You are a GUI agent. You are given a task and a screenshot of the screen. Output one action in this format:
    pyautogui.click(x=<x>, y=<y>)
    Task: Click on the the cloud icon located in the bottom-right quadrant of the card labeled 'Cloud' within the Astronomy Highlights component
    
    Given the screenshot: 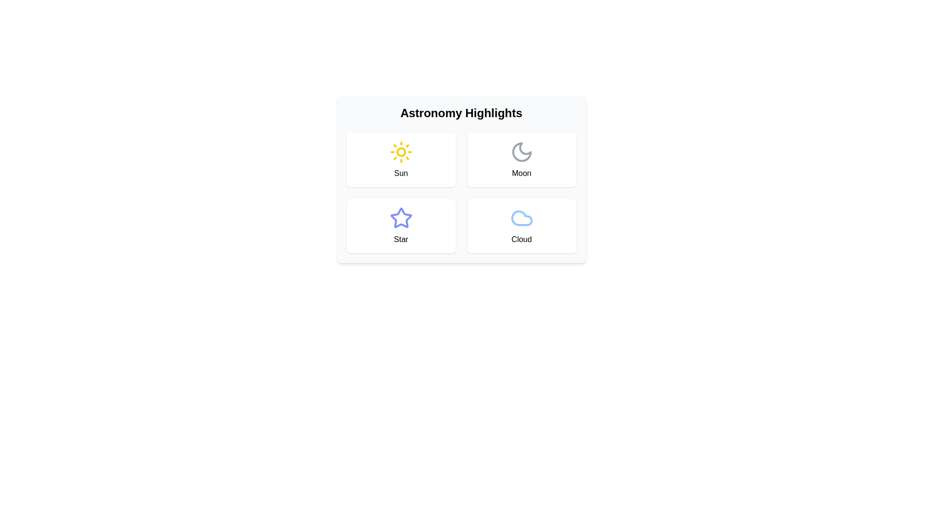 What is the action you would take?
    pyautogui.click(x=521, y=217)
    